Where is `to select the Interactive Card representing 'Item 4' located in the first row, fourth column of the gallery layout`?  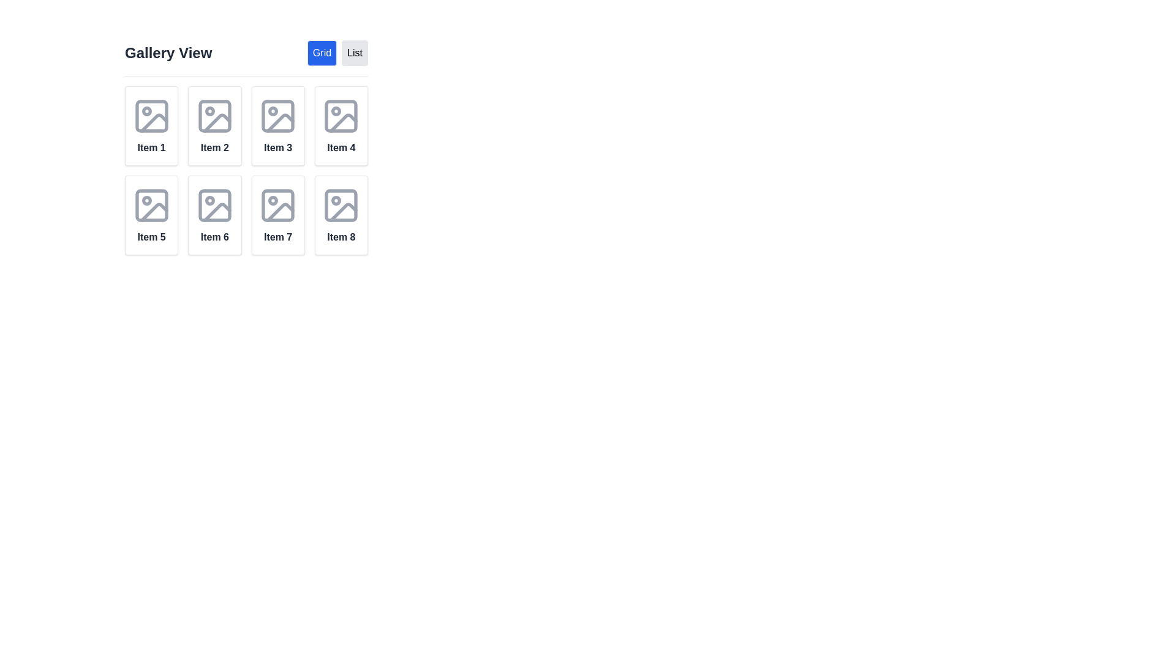
to select the Interactive Card representing 'Item 4' located in the first row, fourth column of the gallery layout is located at coordinates (341, 125).